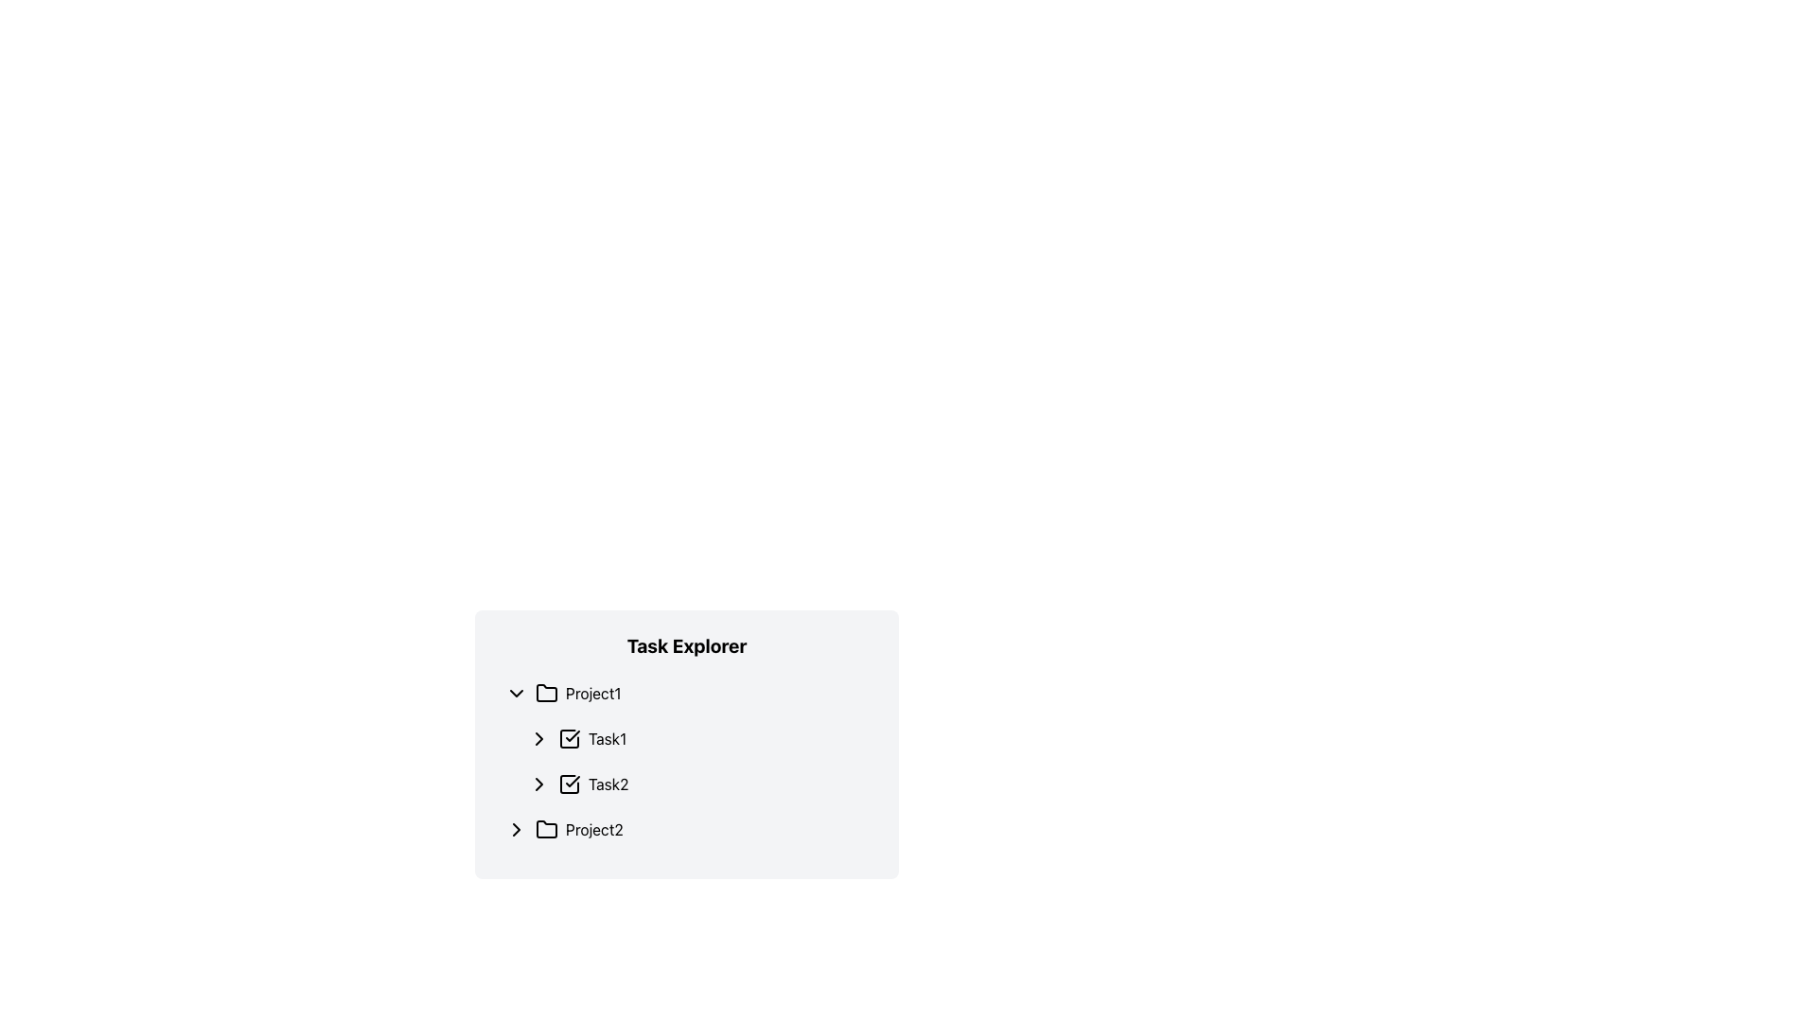 Image resolution: width=1817 pixels, height=1022 pixels. Describe the element at coordinates (568, 737) in the screenshot. I see `on the minimalistic square-shaped checkbox with a checkmark inside it, located next` at that location.